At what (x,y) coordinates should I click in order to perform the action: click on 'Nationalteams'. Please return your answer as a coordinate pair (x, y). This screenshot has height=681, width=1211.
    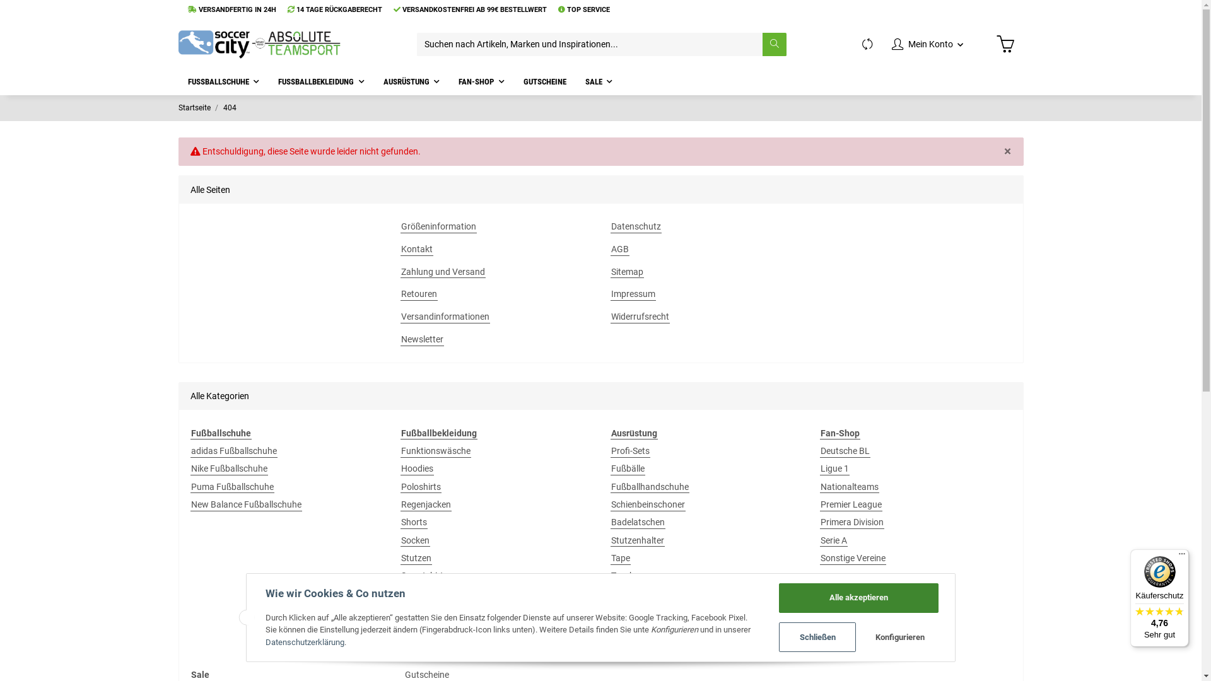
    Looking at the image, I should click on (820, 486).